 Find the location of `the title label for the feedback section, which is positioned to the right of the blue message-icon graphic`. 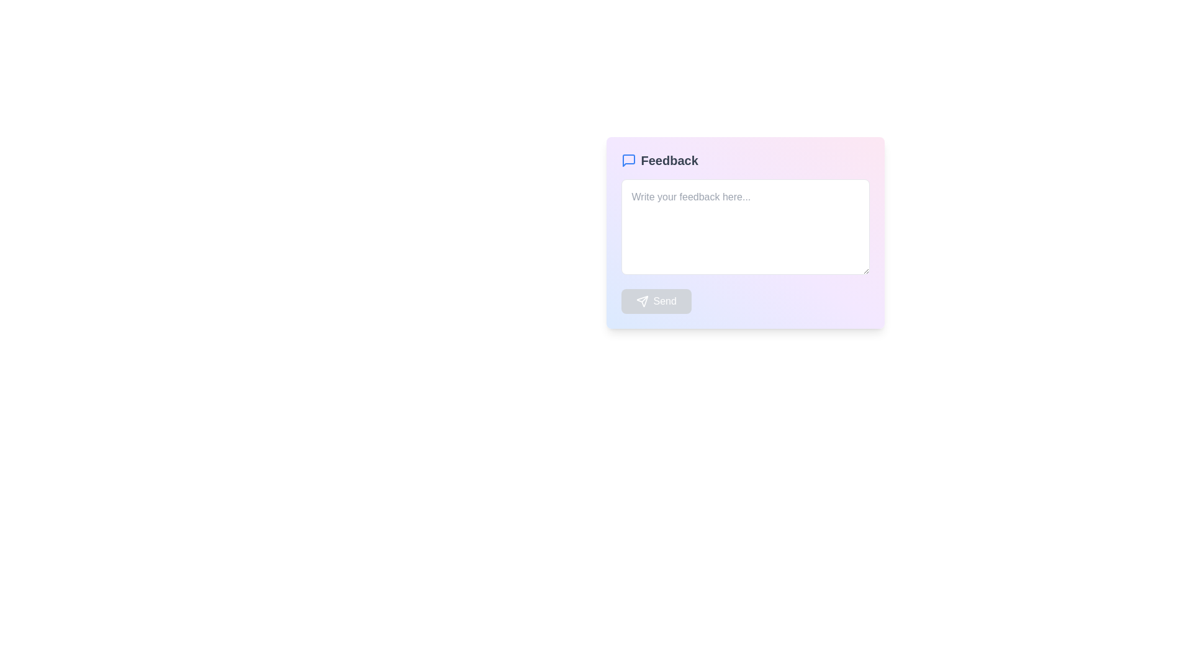

the title label for the feedback section, which is positioned to the right of the blue message-icon graphic is located at coordinates (669, 159).